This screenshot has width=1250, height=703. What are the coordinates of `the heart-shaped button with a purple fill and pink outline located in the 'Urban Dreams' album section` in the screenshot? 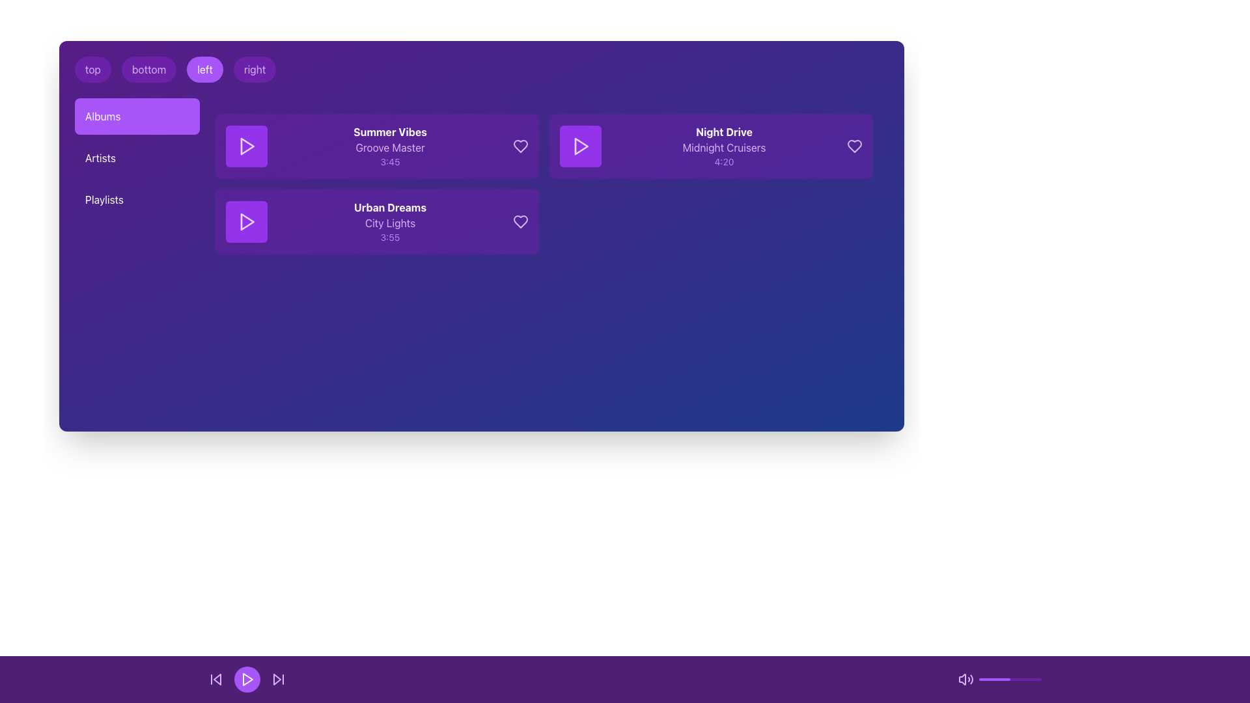 It's located at (521, 221).